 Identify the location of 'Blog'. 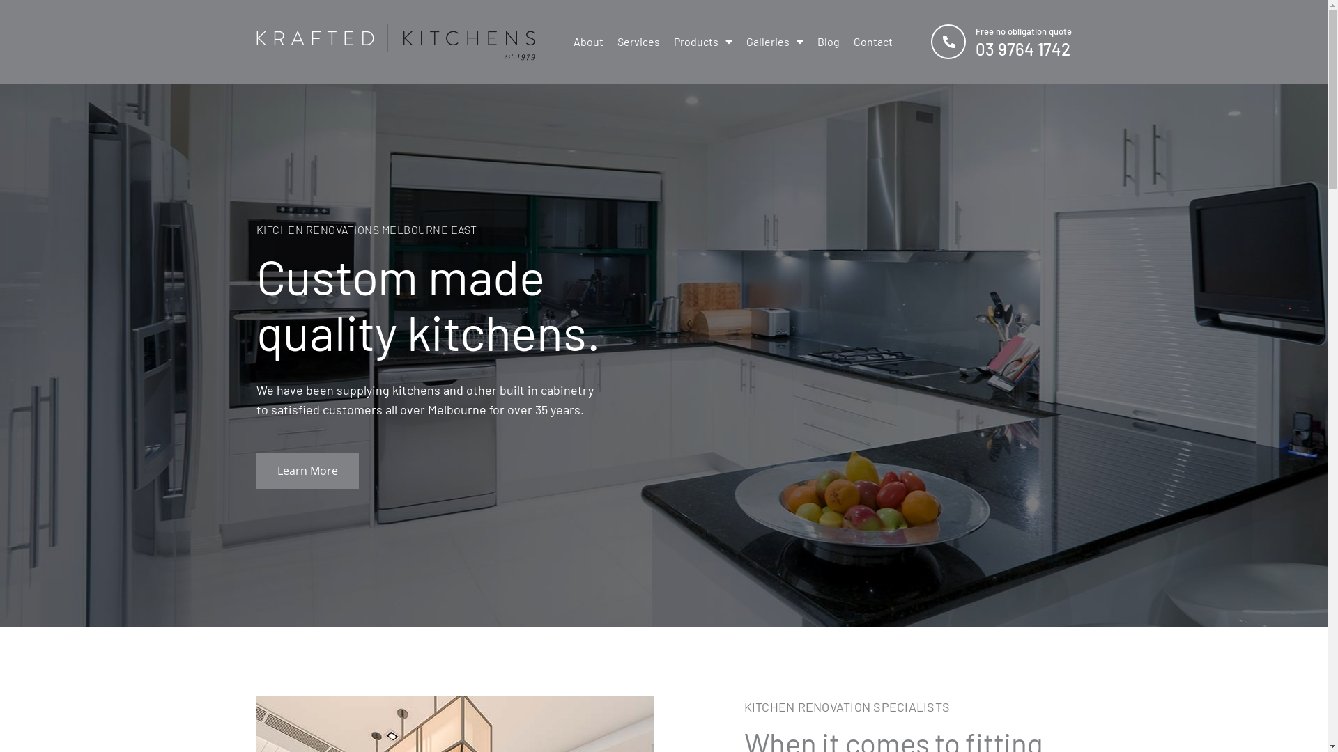
(828, 41).